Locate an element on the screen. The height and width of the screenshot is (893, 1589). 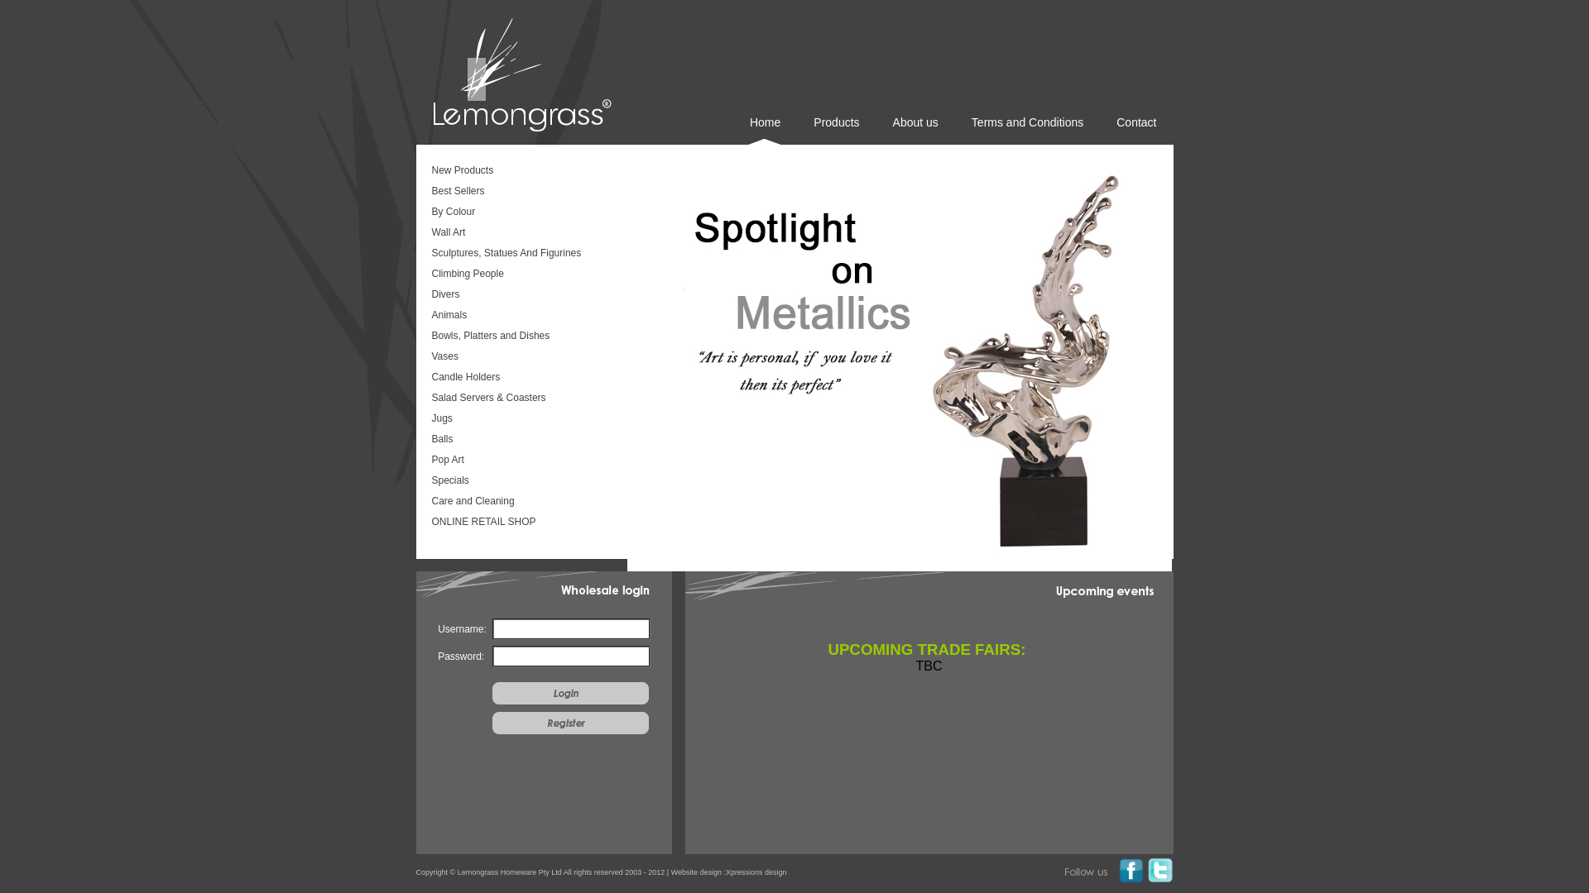
'Wall Art' is located at coordinates (519, 233).